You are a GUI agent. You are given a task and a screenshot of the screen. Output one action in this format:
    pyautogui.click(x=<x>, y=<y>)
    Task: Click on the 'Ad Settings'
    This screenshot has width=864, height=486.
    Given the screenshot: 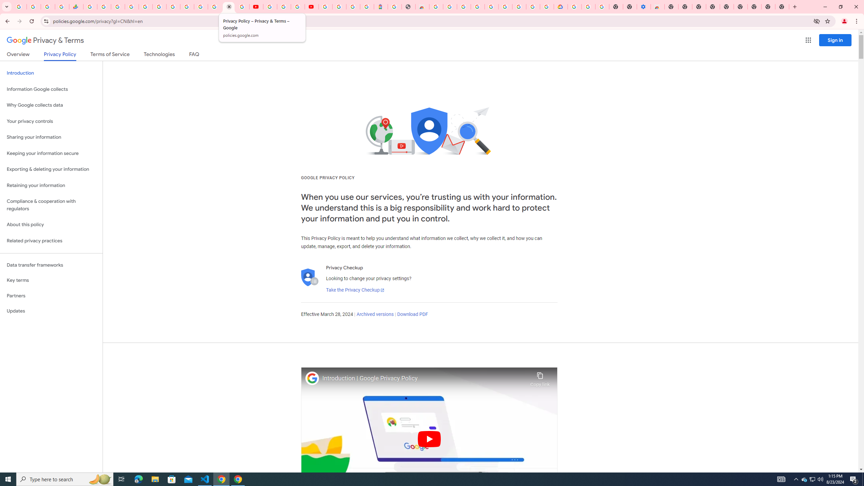 What is the action you would take?
    pyautogui.click(x=477, y=6)
    